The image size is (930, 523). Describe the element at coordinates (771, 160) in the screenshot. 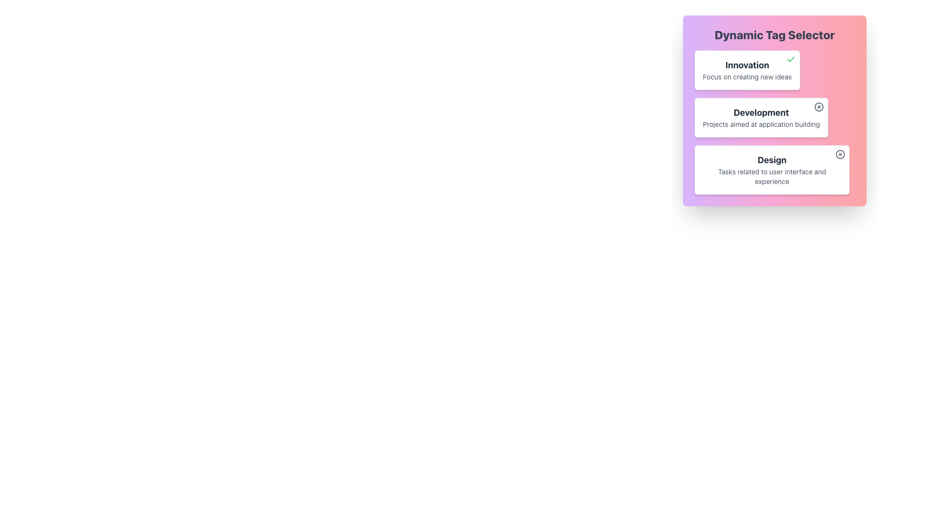

I see `text content of the bold 'Design' label located prominently within its bordered box in the 'Dynamic Tag Selector' panel` at that location.